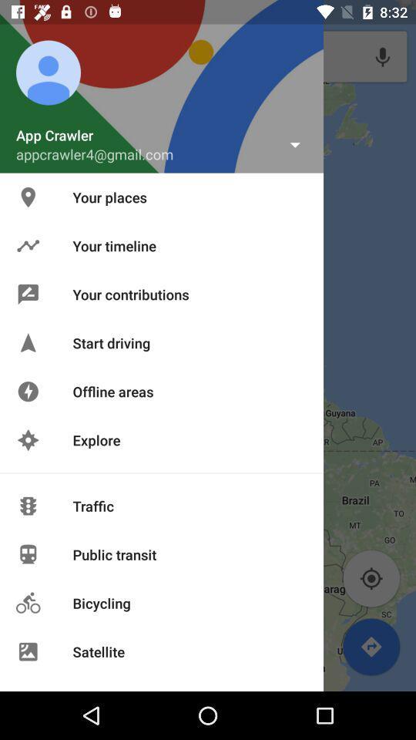  Describe the element at coordinates (371, 578) in the screenshot. I see `go gps` at that location.